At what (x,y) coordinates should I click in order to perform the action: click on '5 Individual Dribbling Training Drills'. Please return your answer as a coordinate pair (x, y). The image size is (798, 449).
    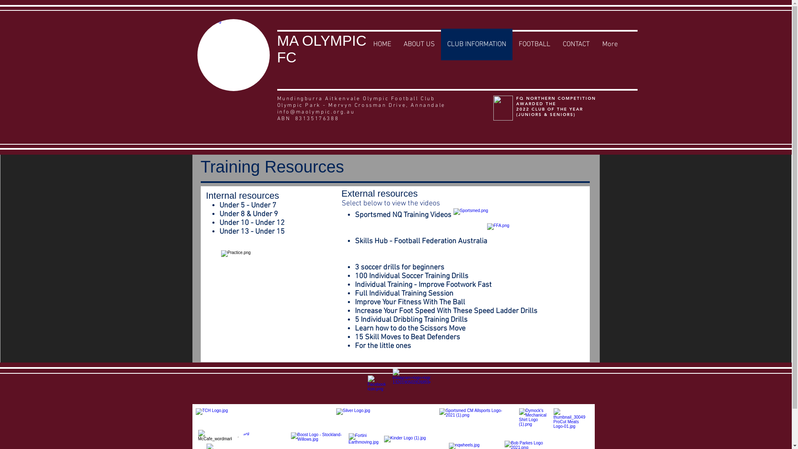
    Looking at the image, I should click on (411, 319).